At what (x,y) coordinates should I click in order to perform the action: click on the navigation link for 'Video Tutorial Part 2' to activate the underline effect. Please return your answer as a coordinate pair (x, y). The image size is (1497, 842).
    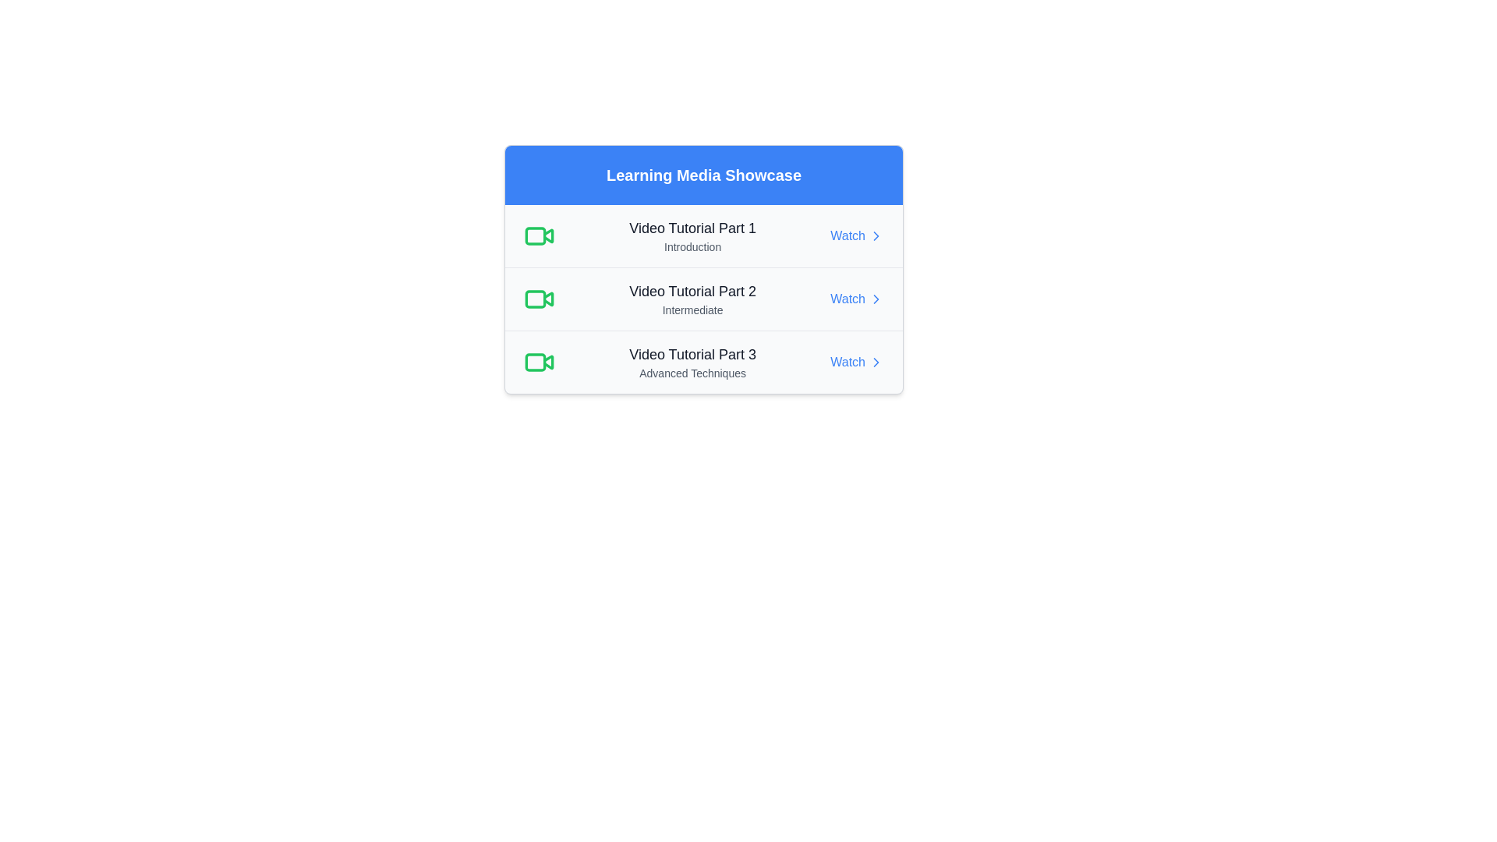
    Looking at the image, I should click on (856, 299).